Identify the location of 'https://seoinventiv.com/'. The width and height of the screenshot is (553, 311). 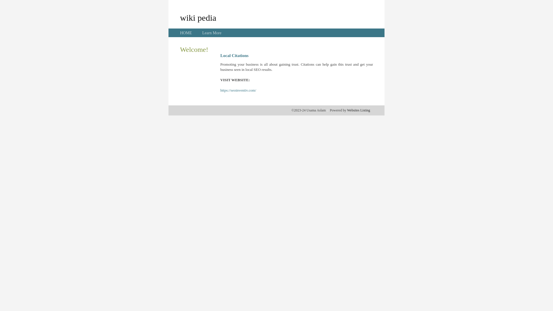
(238, 90).